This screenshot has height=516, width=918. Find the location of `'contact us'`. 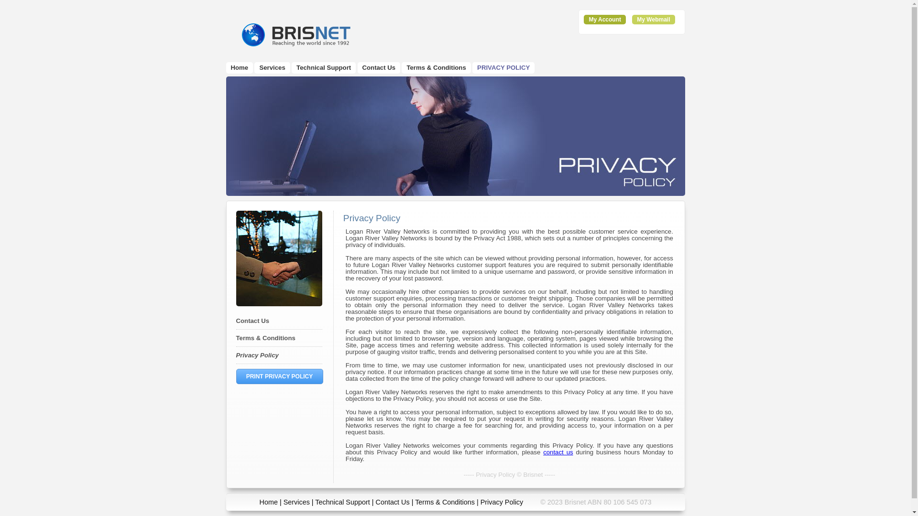

'contact us' is located at coordinates (557, 451).